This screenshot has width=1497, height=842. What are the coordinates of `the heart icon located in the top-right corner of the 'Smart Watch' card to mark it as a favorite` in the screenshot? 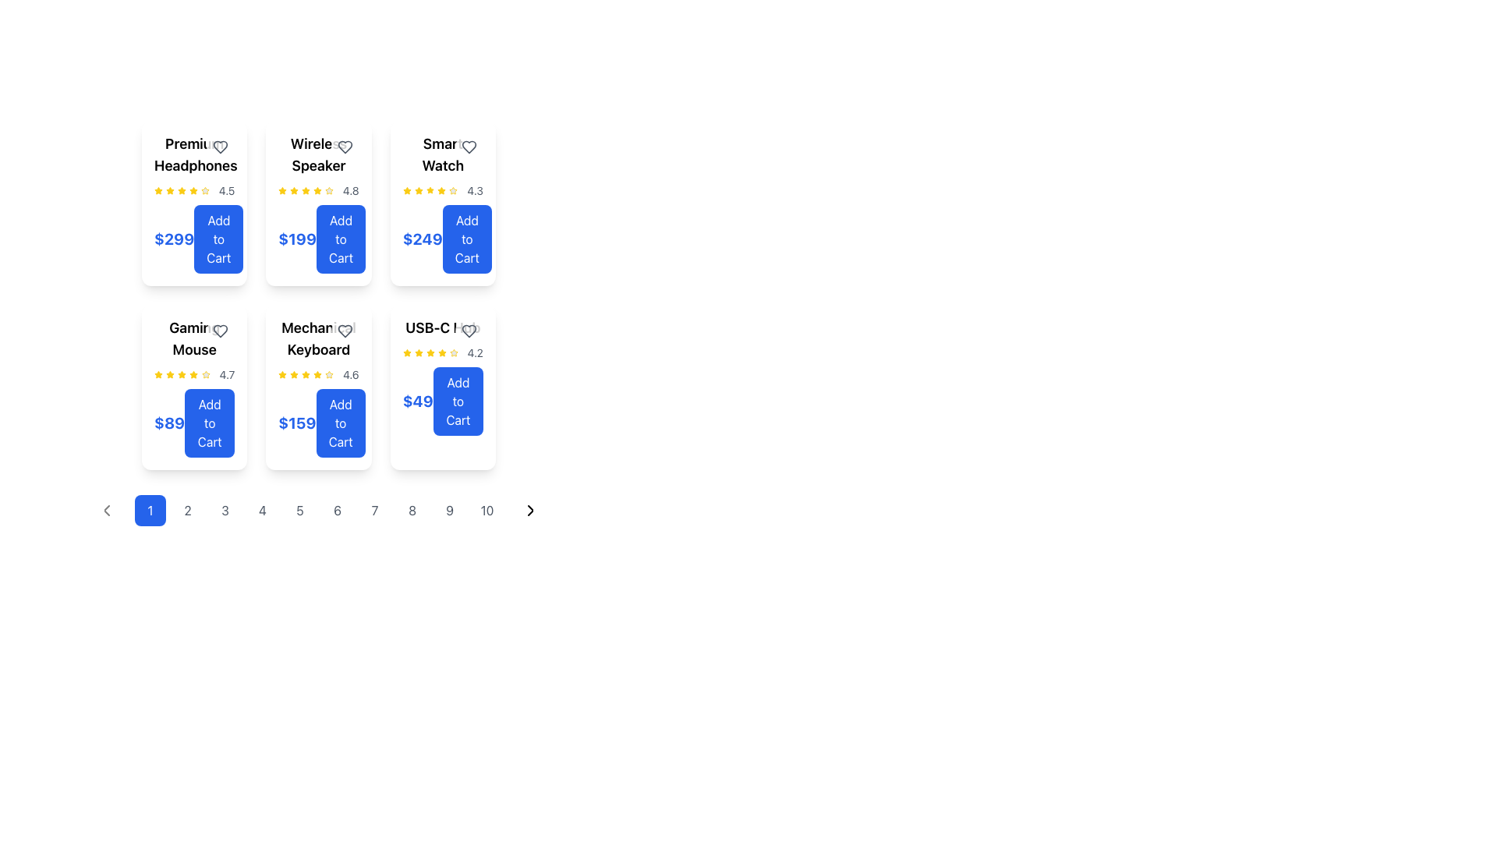 It's located at (468, 147).